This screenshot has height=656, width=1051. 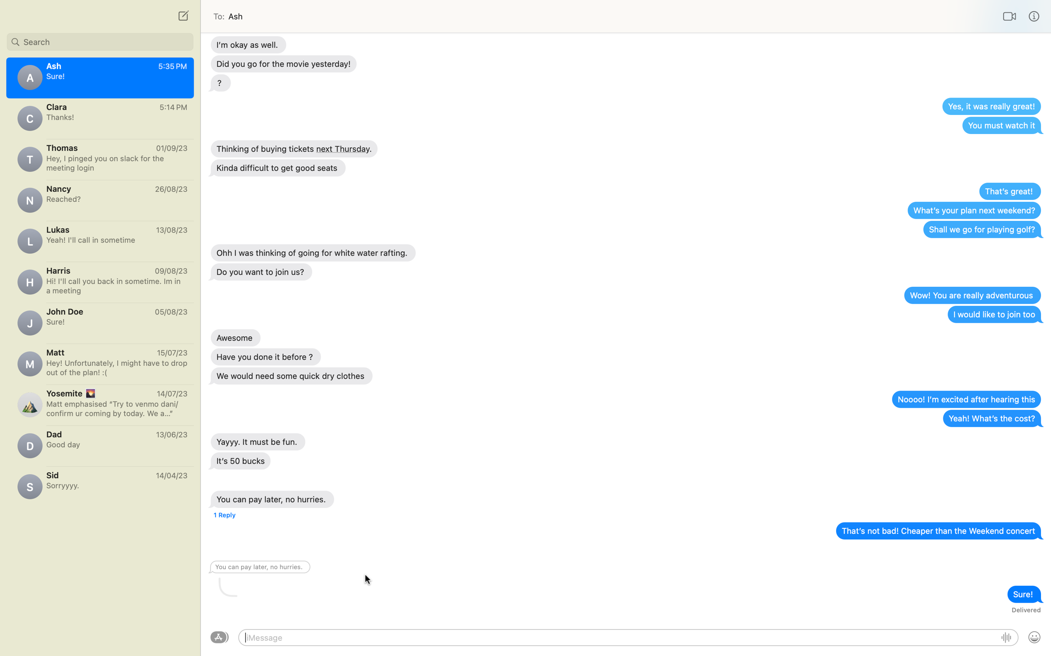 What do you see at coordinates (99, 239) in the screenshot?
I see `Compose a message to Lucas inquiring about his weekend` at bounding box center [99, 239].